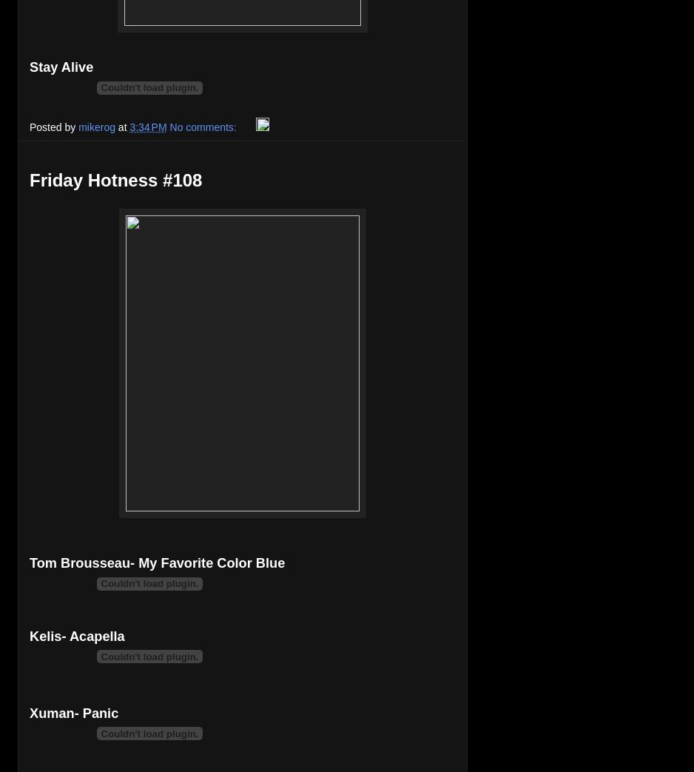 The height and width of the screenshot is (772, 694). Describe the element at coordinates (95, 126) in the screenshot. I see `'mikerog'` at that location.